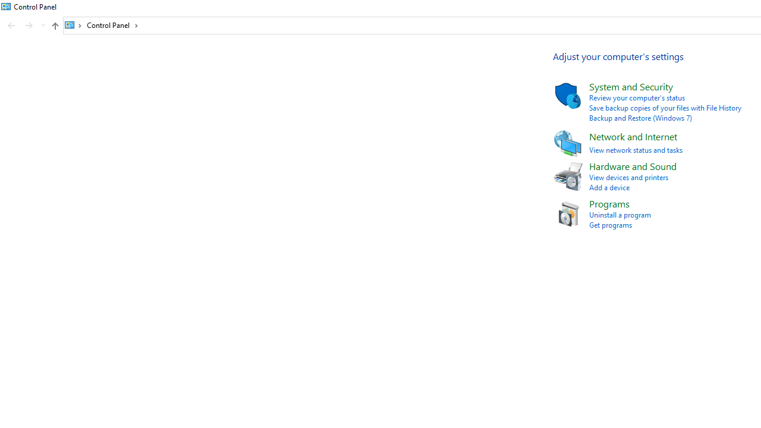 The image size is (761, 428). Describe the element at coordinates (628, 177) in the screenshot. I see `'View devices and printers'` at that location.